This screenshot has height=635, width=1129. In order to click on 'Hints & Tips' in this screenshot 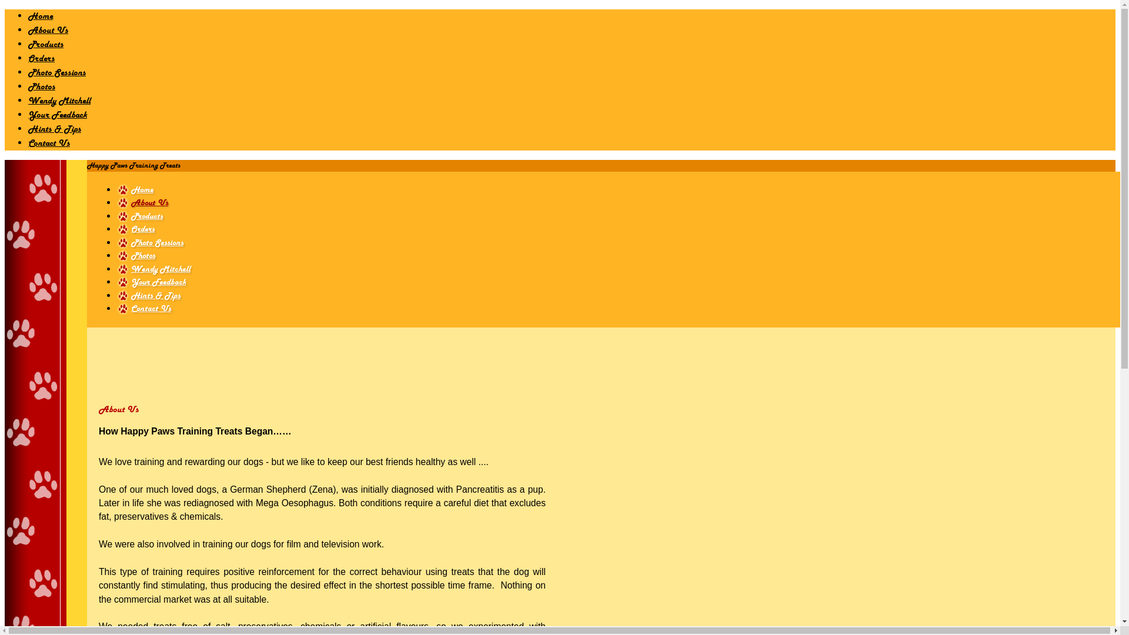, I will do `click(54, 129)`.